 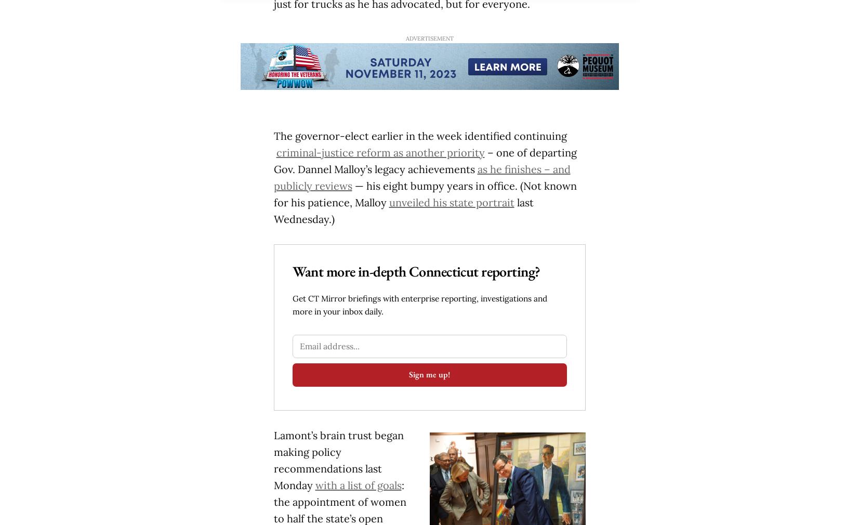 What do you see at coordinates (272, 177) in the screenshot?
I see `'as he finishes – and publicly reviews'` at bounding box center [272, 177].